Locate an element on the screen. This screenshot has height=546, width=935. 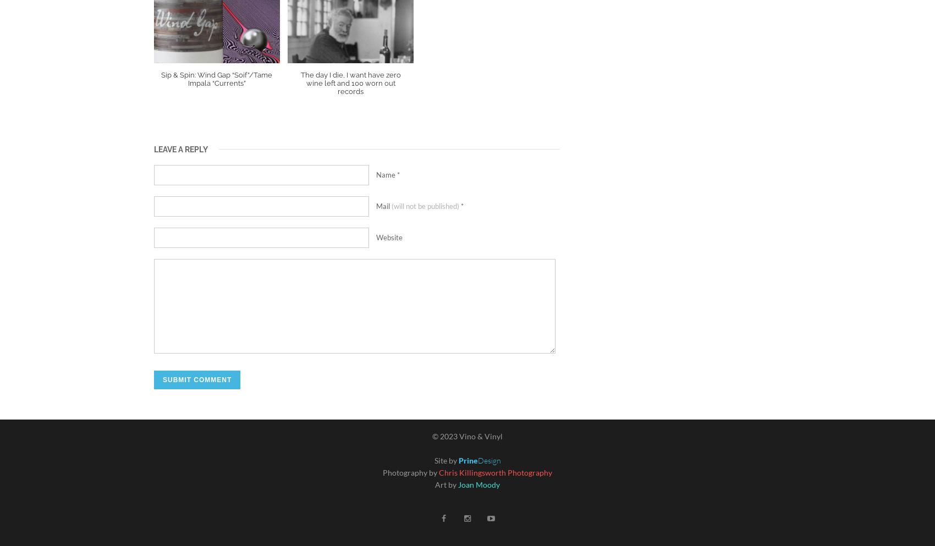
'The day I die, I want have zero wine left and 100 worn out records' is located at coordinates (300, 83).